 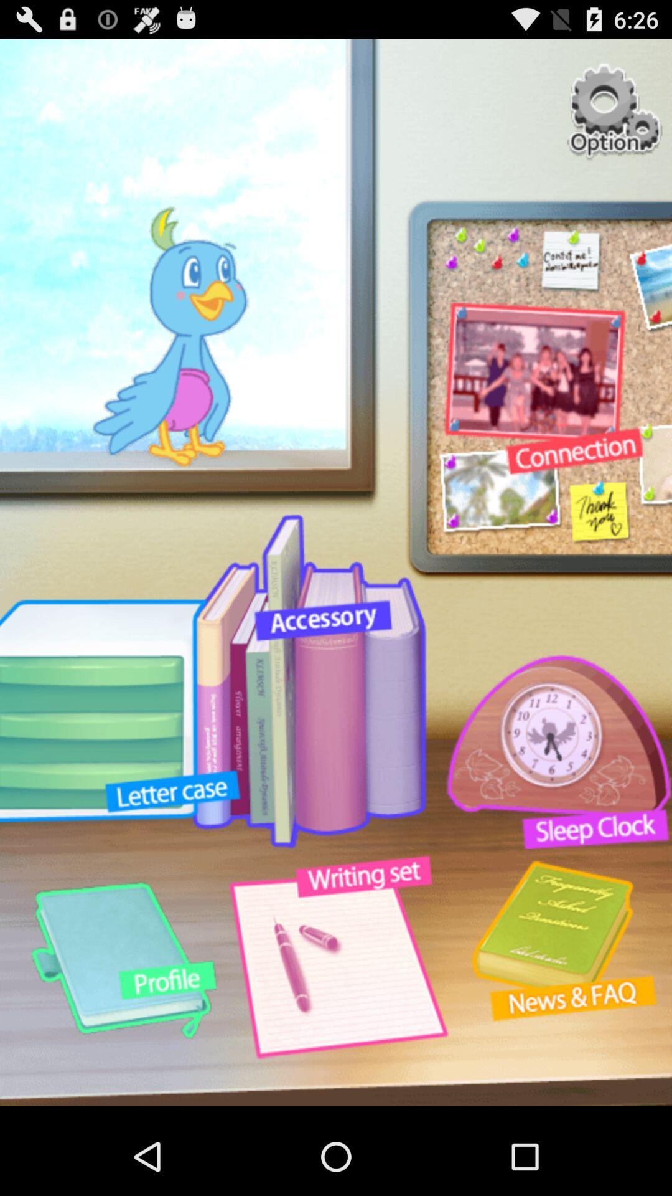 I want to click on letter case beside accessory, so click(x=309, y=680).